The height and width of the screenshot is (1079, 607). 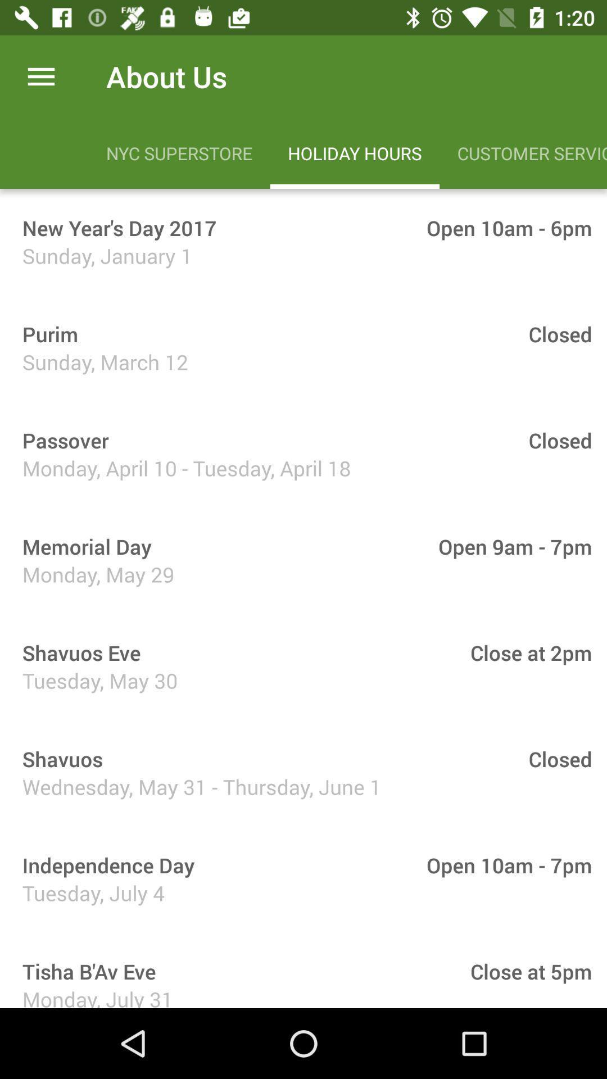 What do you see at coordinates (105, 864) in the screenshot?
I see `icon to the left of the open 10am - 7pm` at bounding box center [105, 864].